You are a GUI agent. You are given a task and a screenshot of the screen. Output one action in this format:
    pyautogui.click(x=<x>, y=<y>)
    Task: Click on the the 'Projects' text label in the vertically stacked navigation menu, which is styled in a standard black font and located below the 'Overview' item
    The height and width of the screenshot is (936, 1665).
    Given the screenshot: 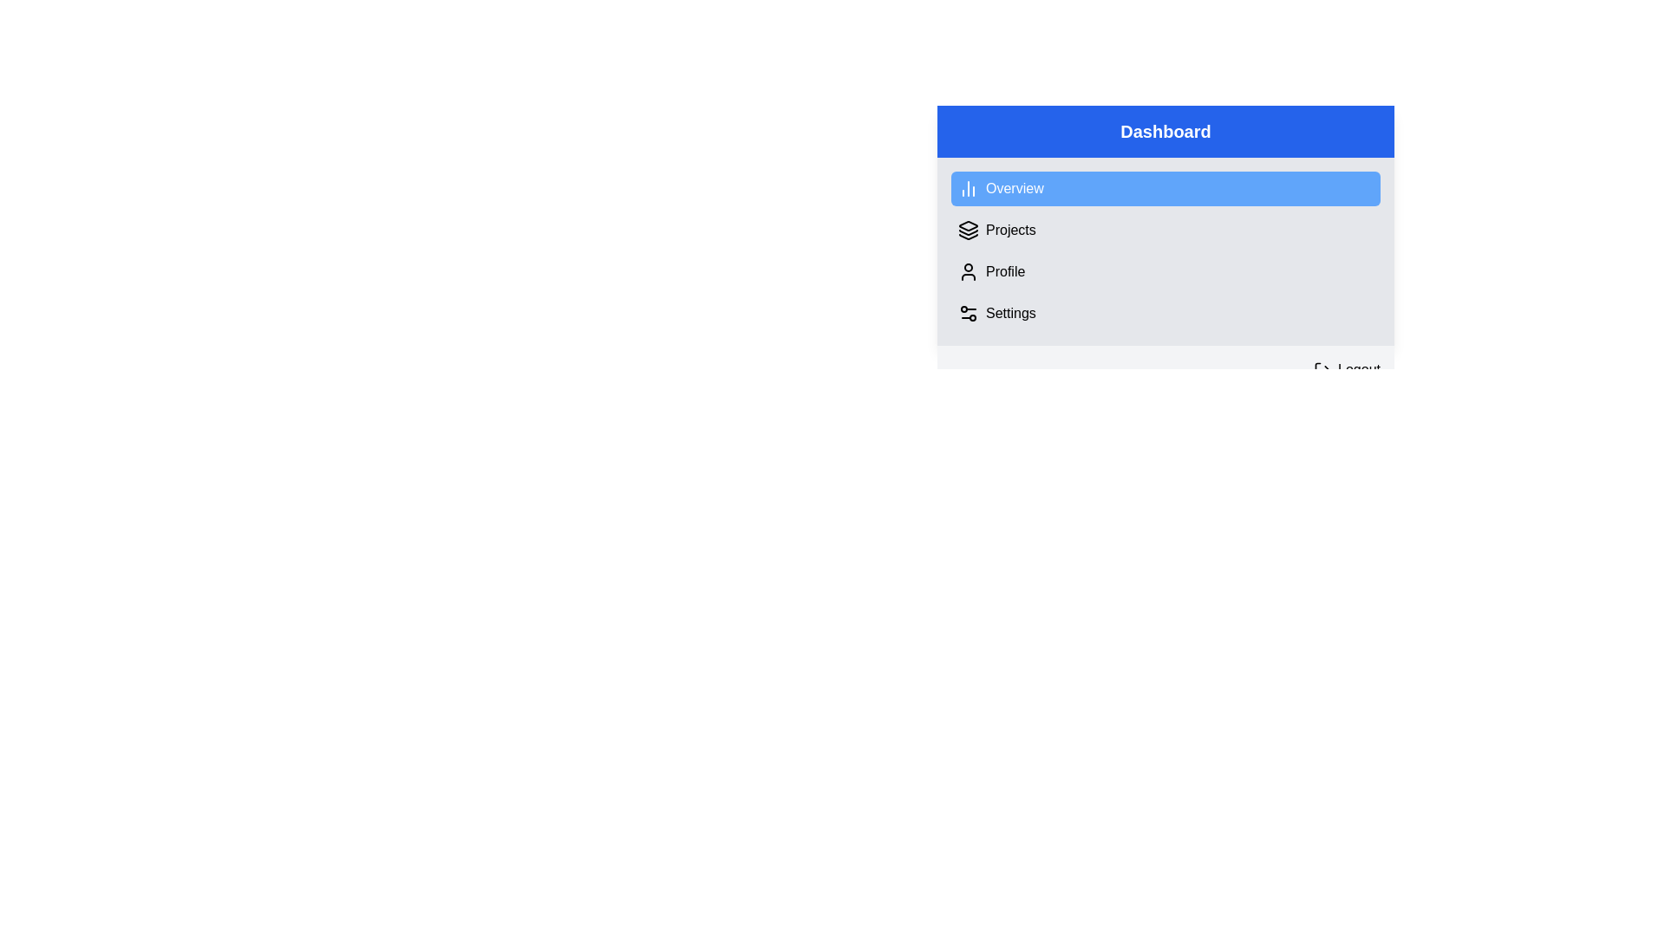 What is the action you would take?
    pyautogui.click(x=1010, y=230)
    